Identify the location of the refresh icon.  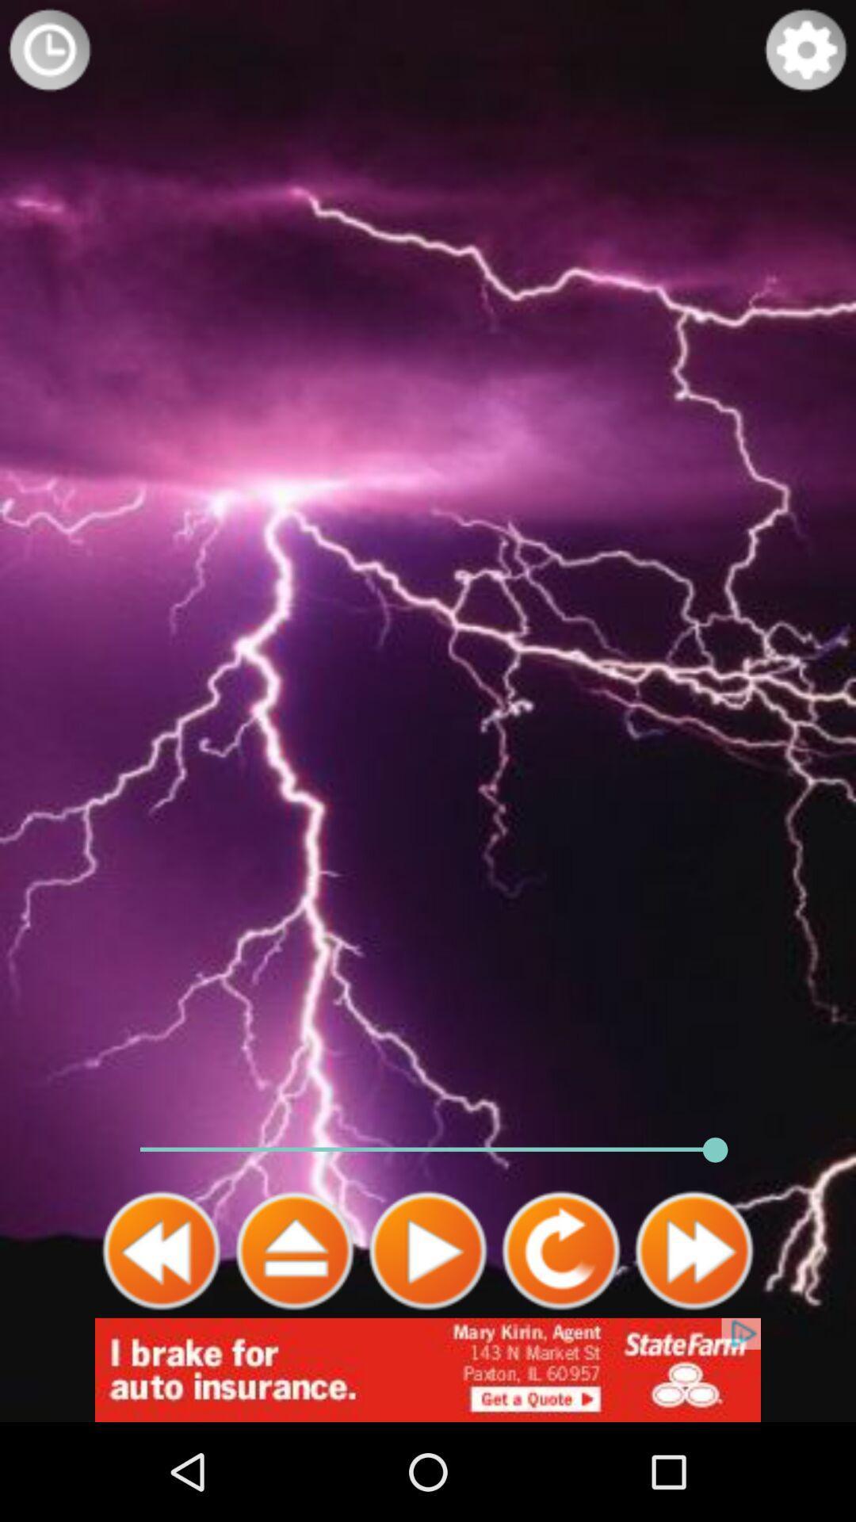
(560, 1338).